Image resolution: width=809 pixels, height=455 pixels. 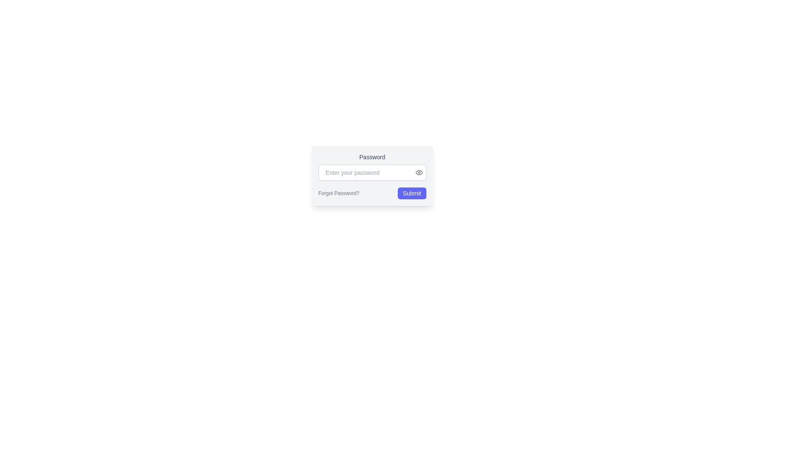 What do you see at coordinates (412, 193) in the screenshot?
I see `the 'Submit' button, which is indigo-colored with white text` at bounding box center [412, 193].